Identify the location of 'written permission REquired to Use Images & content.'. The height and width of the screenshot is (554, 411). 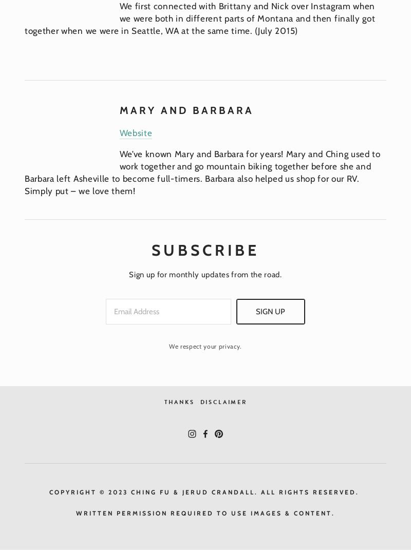
(206, 513).